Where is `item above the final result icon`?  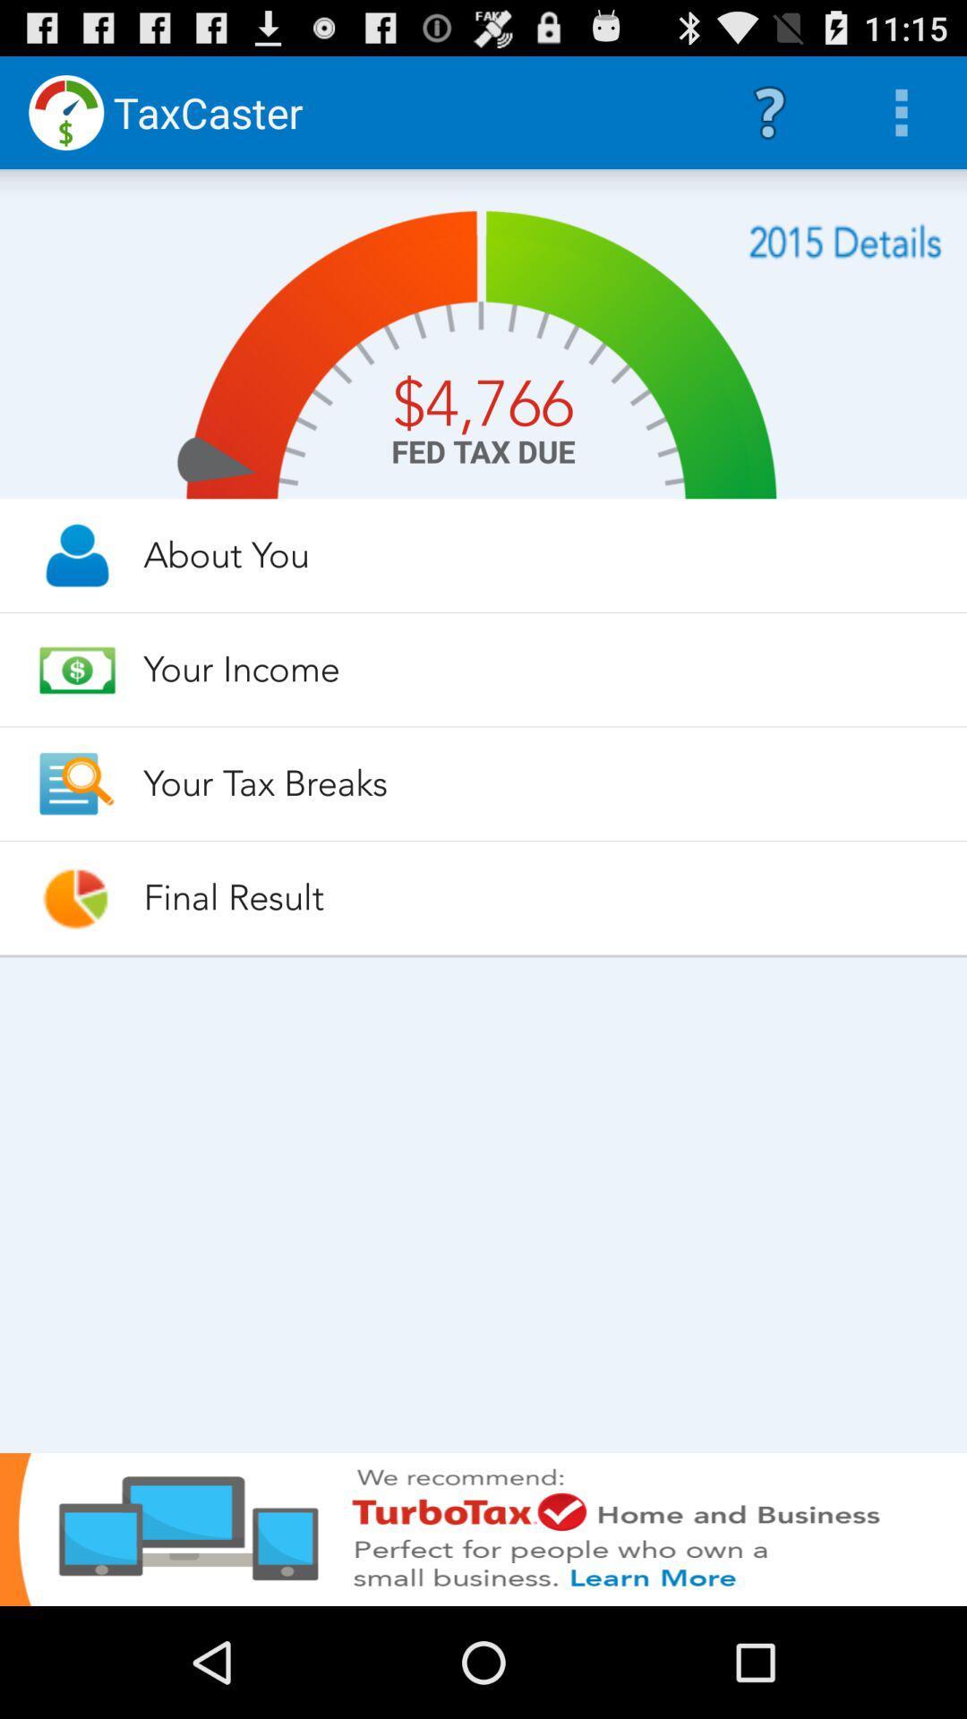 item above the final result icon is located at coordinates (538, 783).